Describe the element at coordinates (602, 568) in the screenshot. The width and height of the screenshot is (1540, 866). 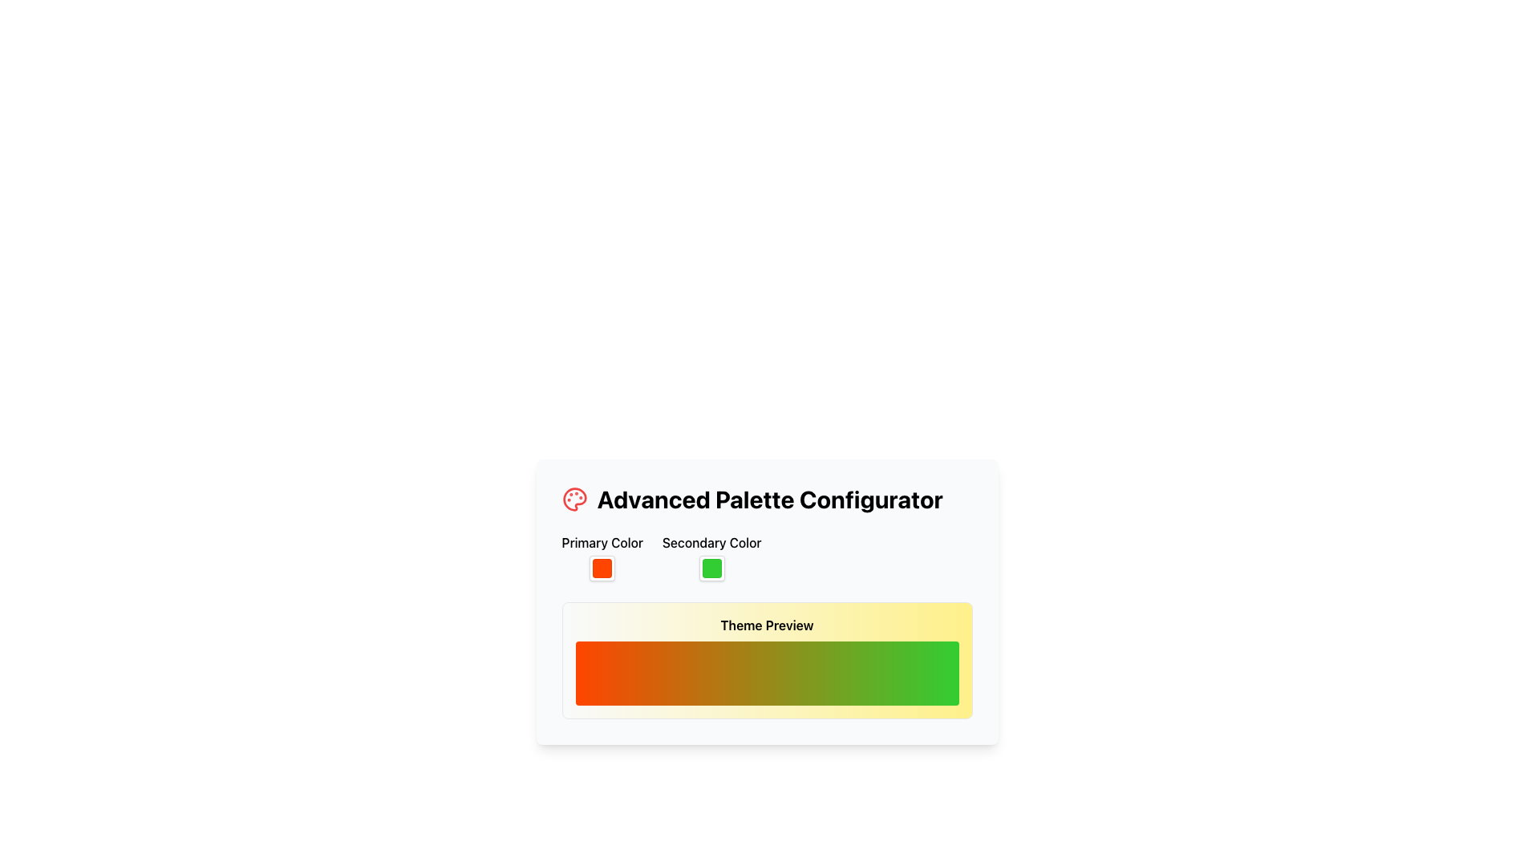
I see `the first color selector block, which is a square with an orange fill color located beneath the 'Primary Color' label in the 'Advanced Palette Configurator'` at that location.